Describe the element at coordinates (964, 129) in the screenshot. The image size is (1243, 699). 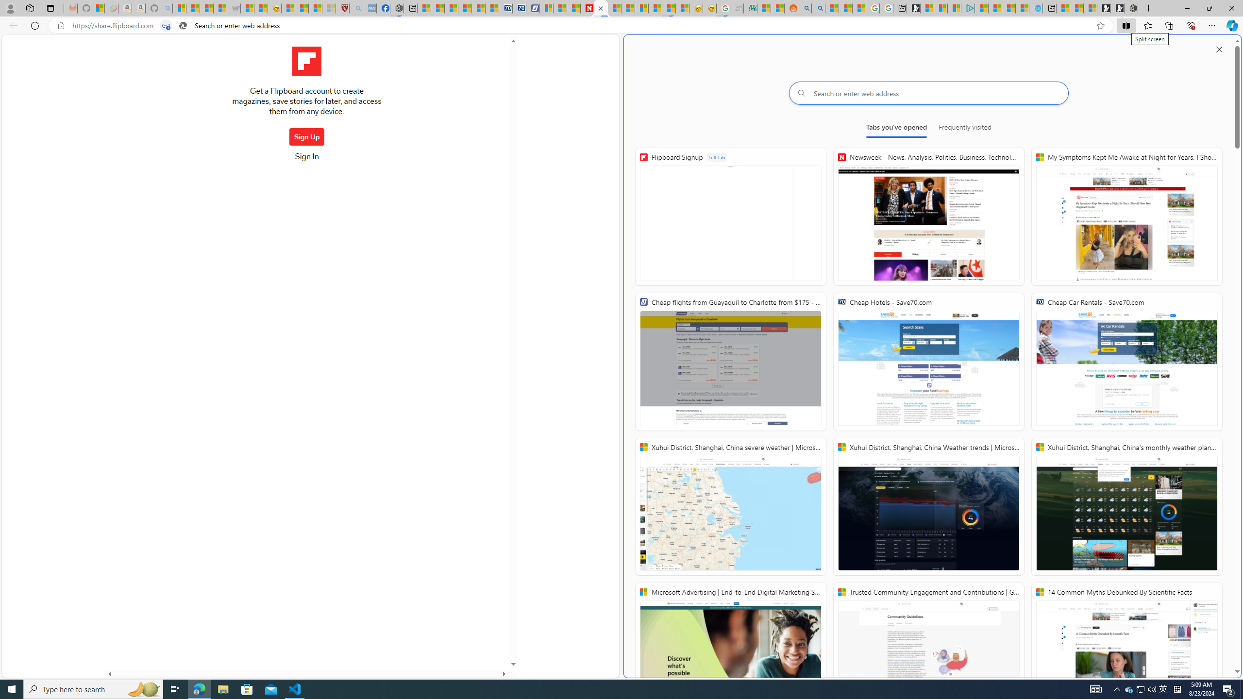
I see `'Frequently visited'` at that location.